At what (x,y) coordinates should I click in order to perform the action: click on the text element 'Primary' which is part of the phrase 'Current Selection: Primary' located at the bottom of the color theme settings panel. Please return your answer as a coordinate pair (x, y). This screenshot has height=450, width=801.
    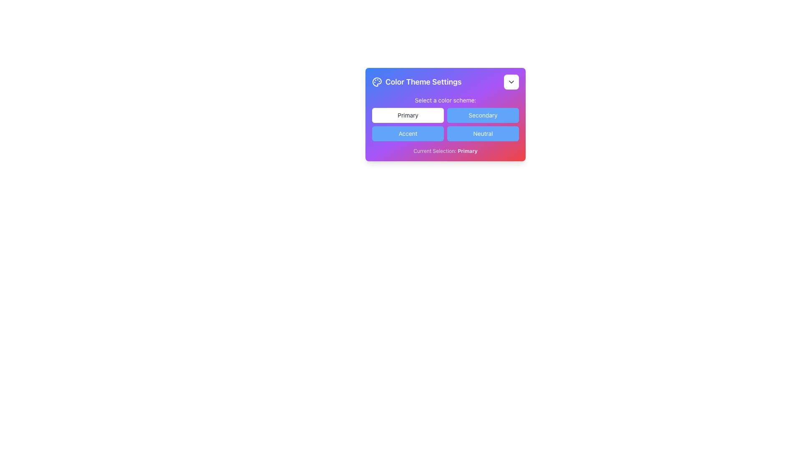
    Looking at the image, I should click on (467, 151).